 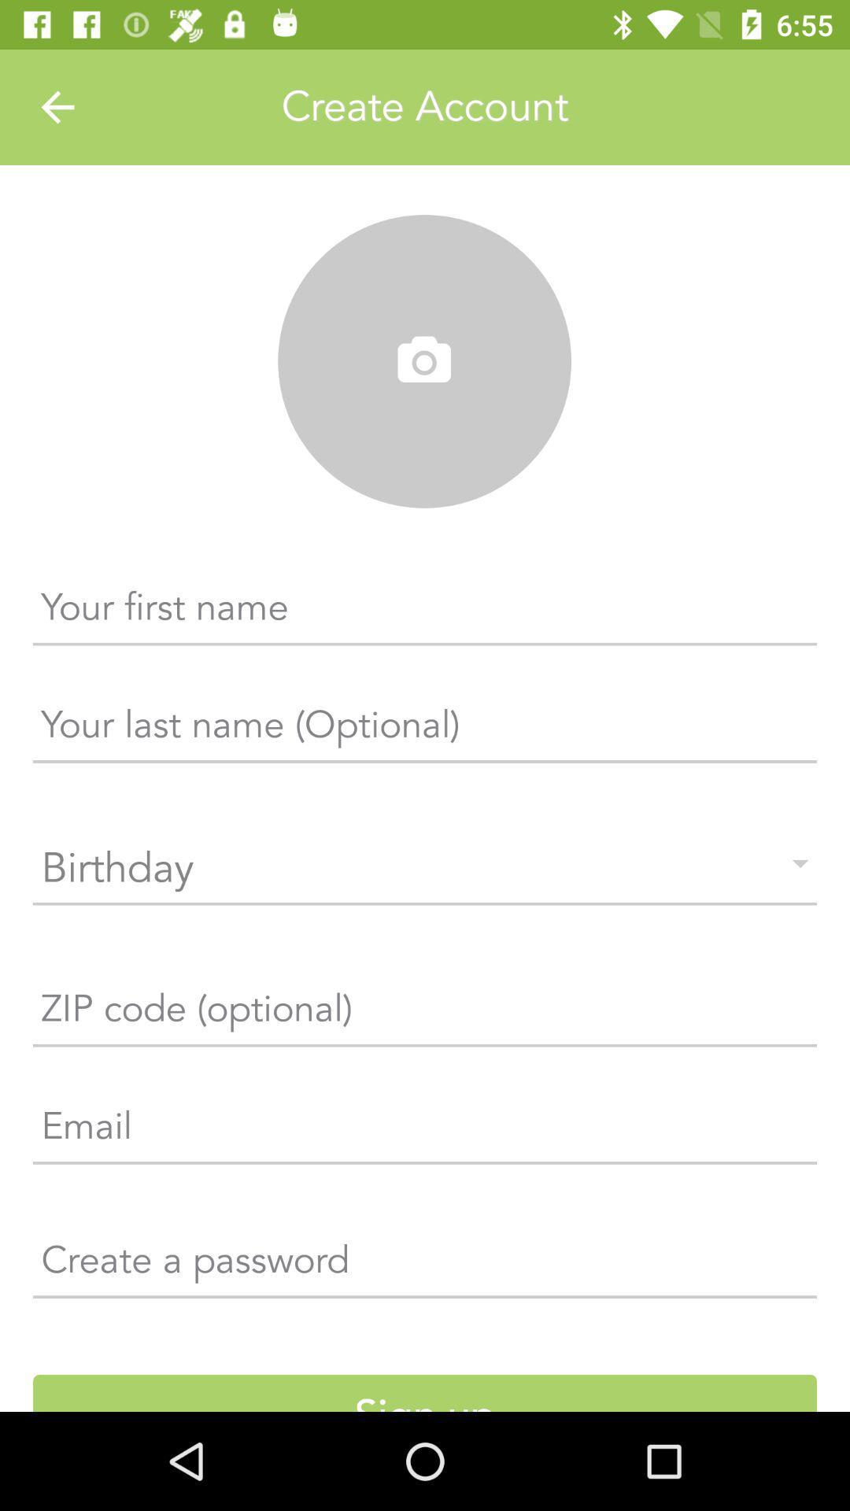 What do you see at coordinates (423, 361) in the screenshot?
I see `the profile photo` at bounding box center [423, 361].